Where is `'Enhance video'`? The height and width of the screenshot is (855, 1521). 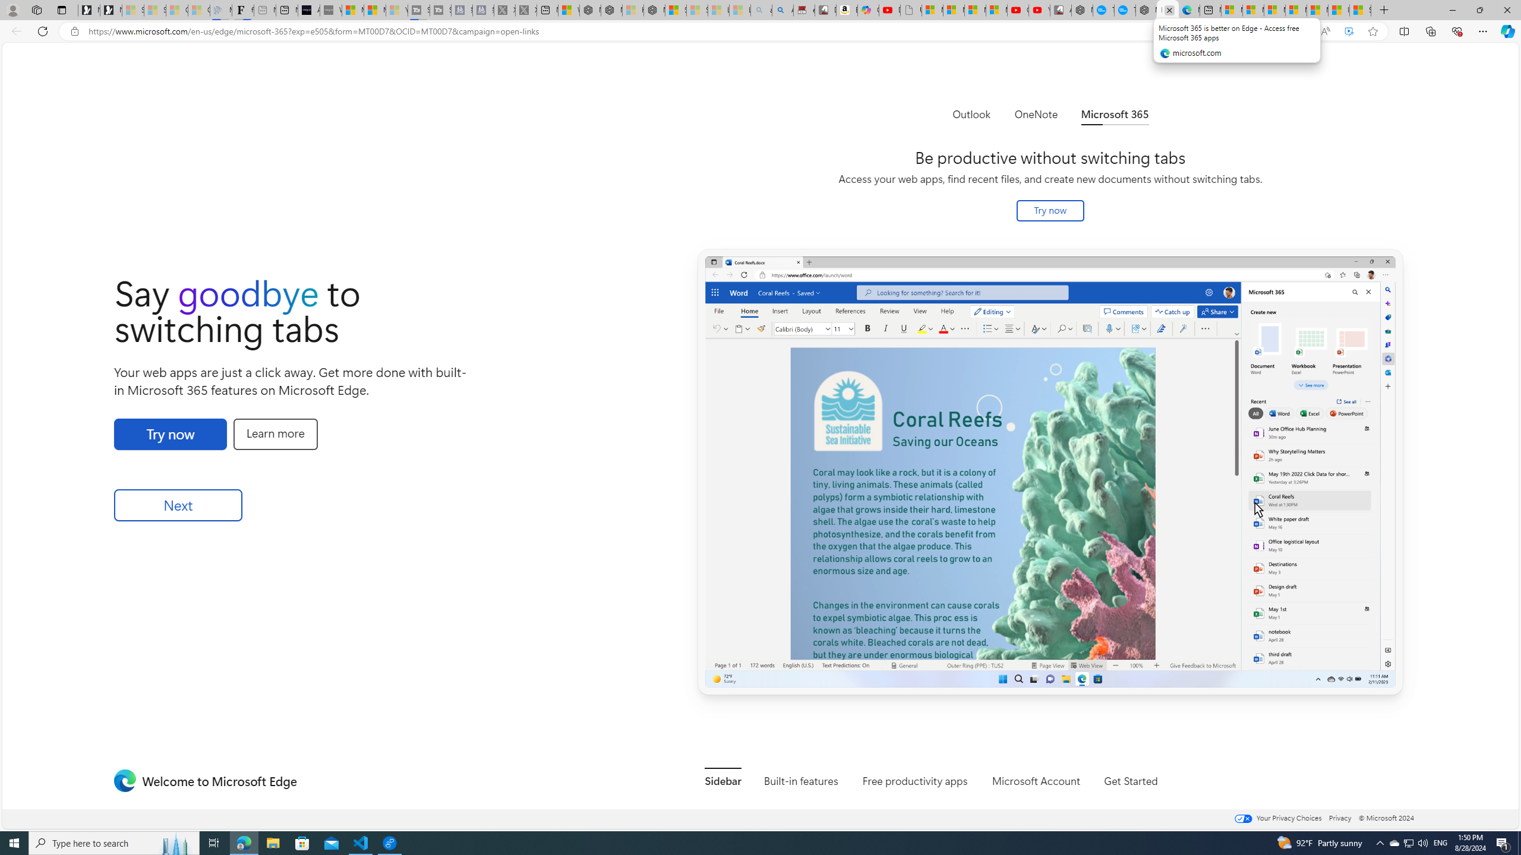 'Enhance video' is located at coordinates (1349, 31).